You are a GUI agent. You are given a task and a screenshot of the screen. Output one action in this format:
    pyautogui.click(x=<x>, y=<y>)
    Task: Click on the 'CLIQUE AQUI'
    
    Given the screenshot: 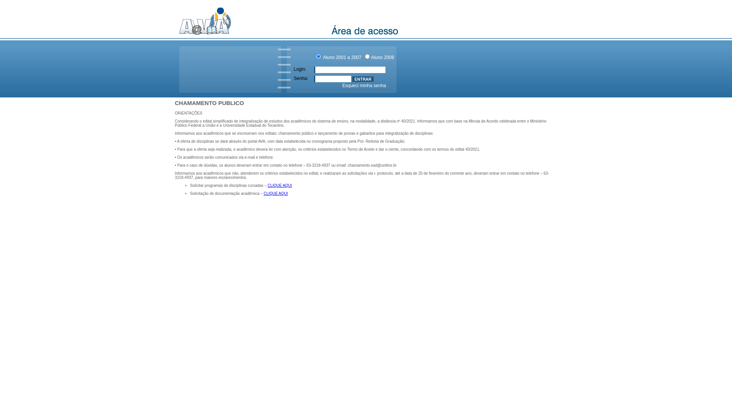 What is the action you would take?
    pyautogui.click(x=279, y=185)
    